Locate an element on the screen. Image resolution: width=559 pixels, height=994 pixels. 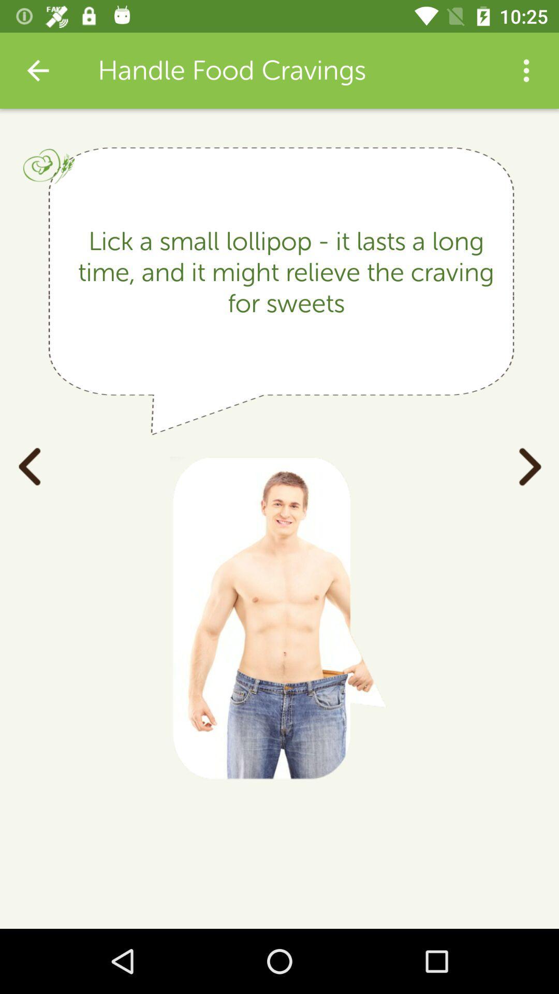
the item above the lick a small item is located at coordinates (526, 70).